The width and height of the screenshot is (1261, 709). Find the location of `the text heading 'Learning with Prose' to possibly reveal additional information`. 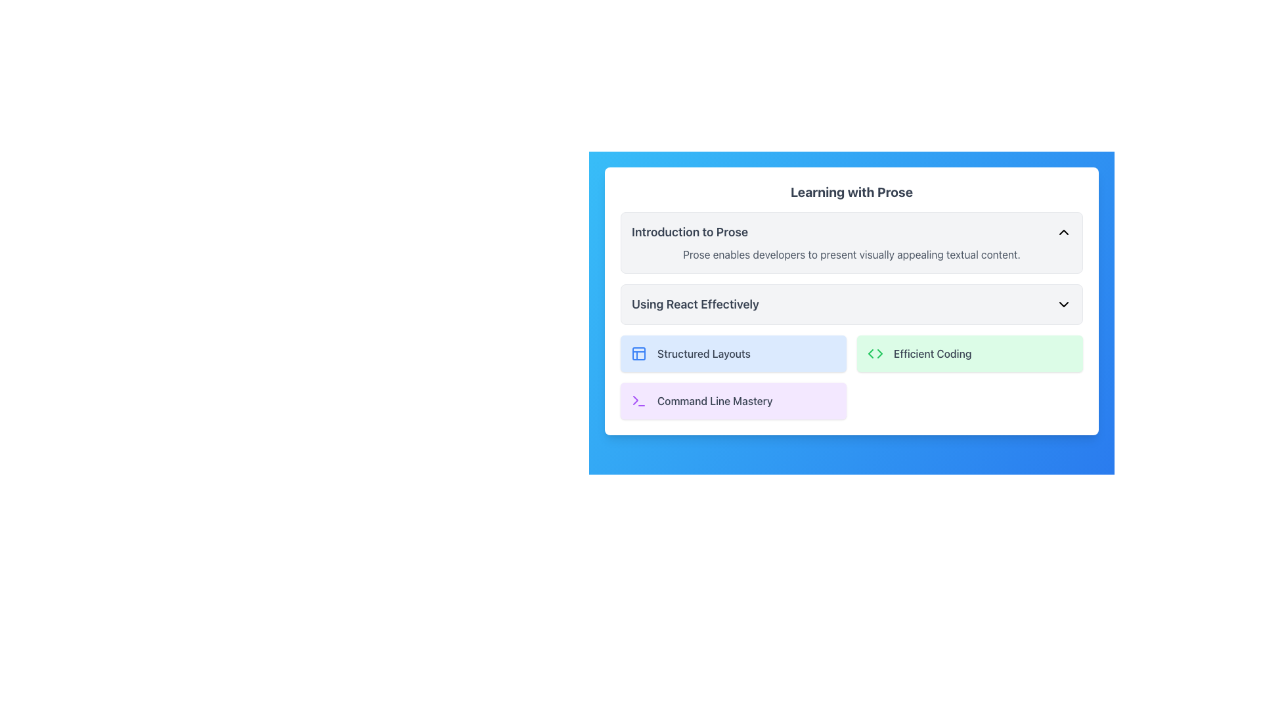

the text heading 'Learning with Prose' to possibly reveal additional information is located at coordinates (851, 192).